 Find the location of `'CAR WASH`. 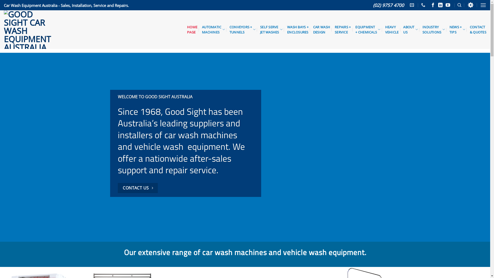

'CAR WASH is located at coordinates (321, 30).